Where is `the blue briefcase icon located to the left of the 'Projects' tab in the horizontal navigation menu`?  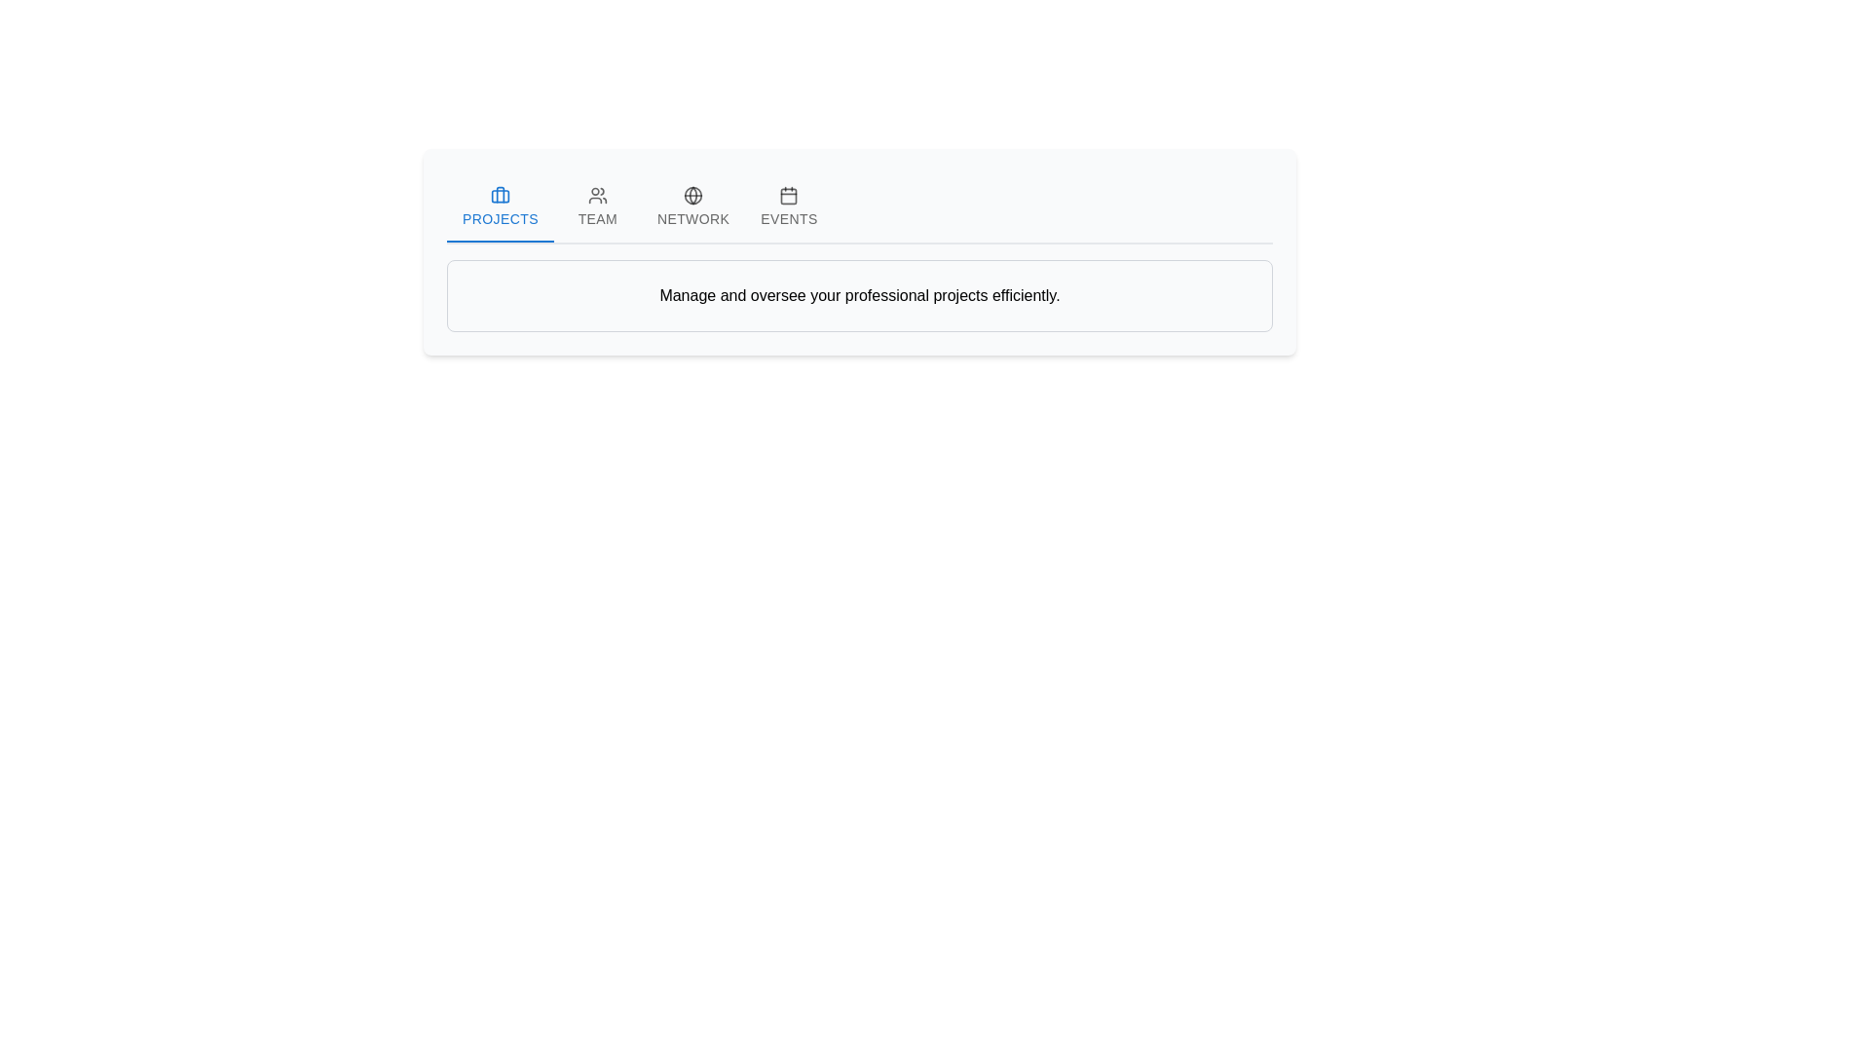
the blue briefcase icon located to the left of the 'Projects' tab in the horizontal navigation menu is located at coordinates (500, 196).